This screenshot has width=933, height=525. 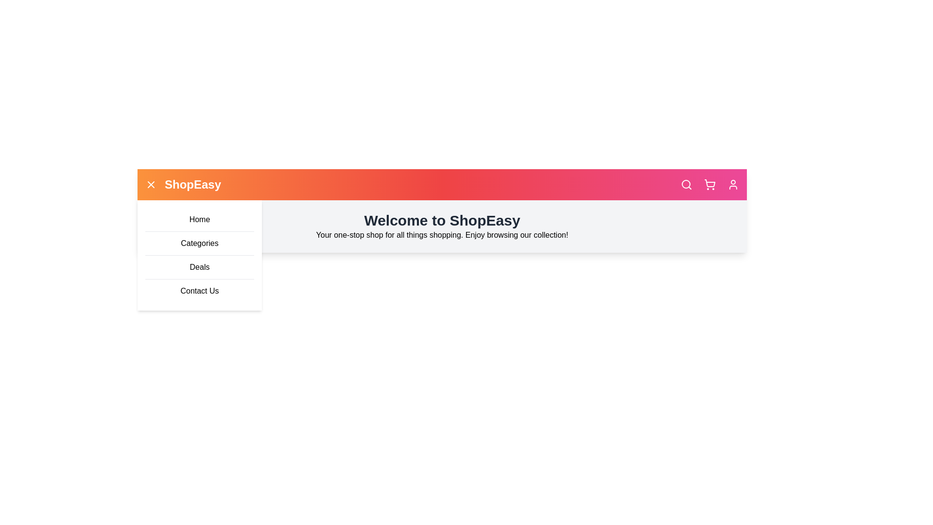 What do you see at coordinates (686, 185) in the screenshot?
I see `the white magnifying glass icon button located in the upper right corner of the webpage` at bounding box center [686, 185].